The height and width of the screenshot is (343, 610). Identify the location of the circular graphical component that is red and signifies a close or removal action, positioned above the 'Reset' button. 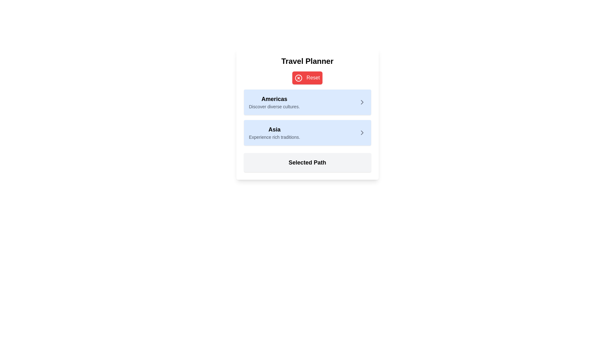
(298, 77).